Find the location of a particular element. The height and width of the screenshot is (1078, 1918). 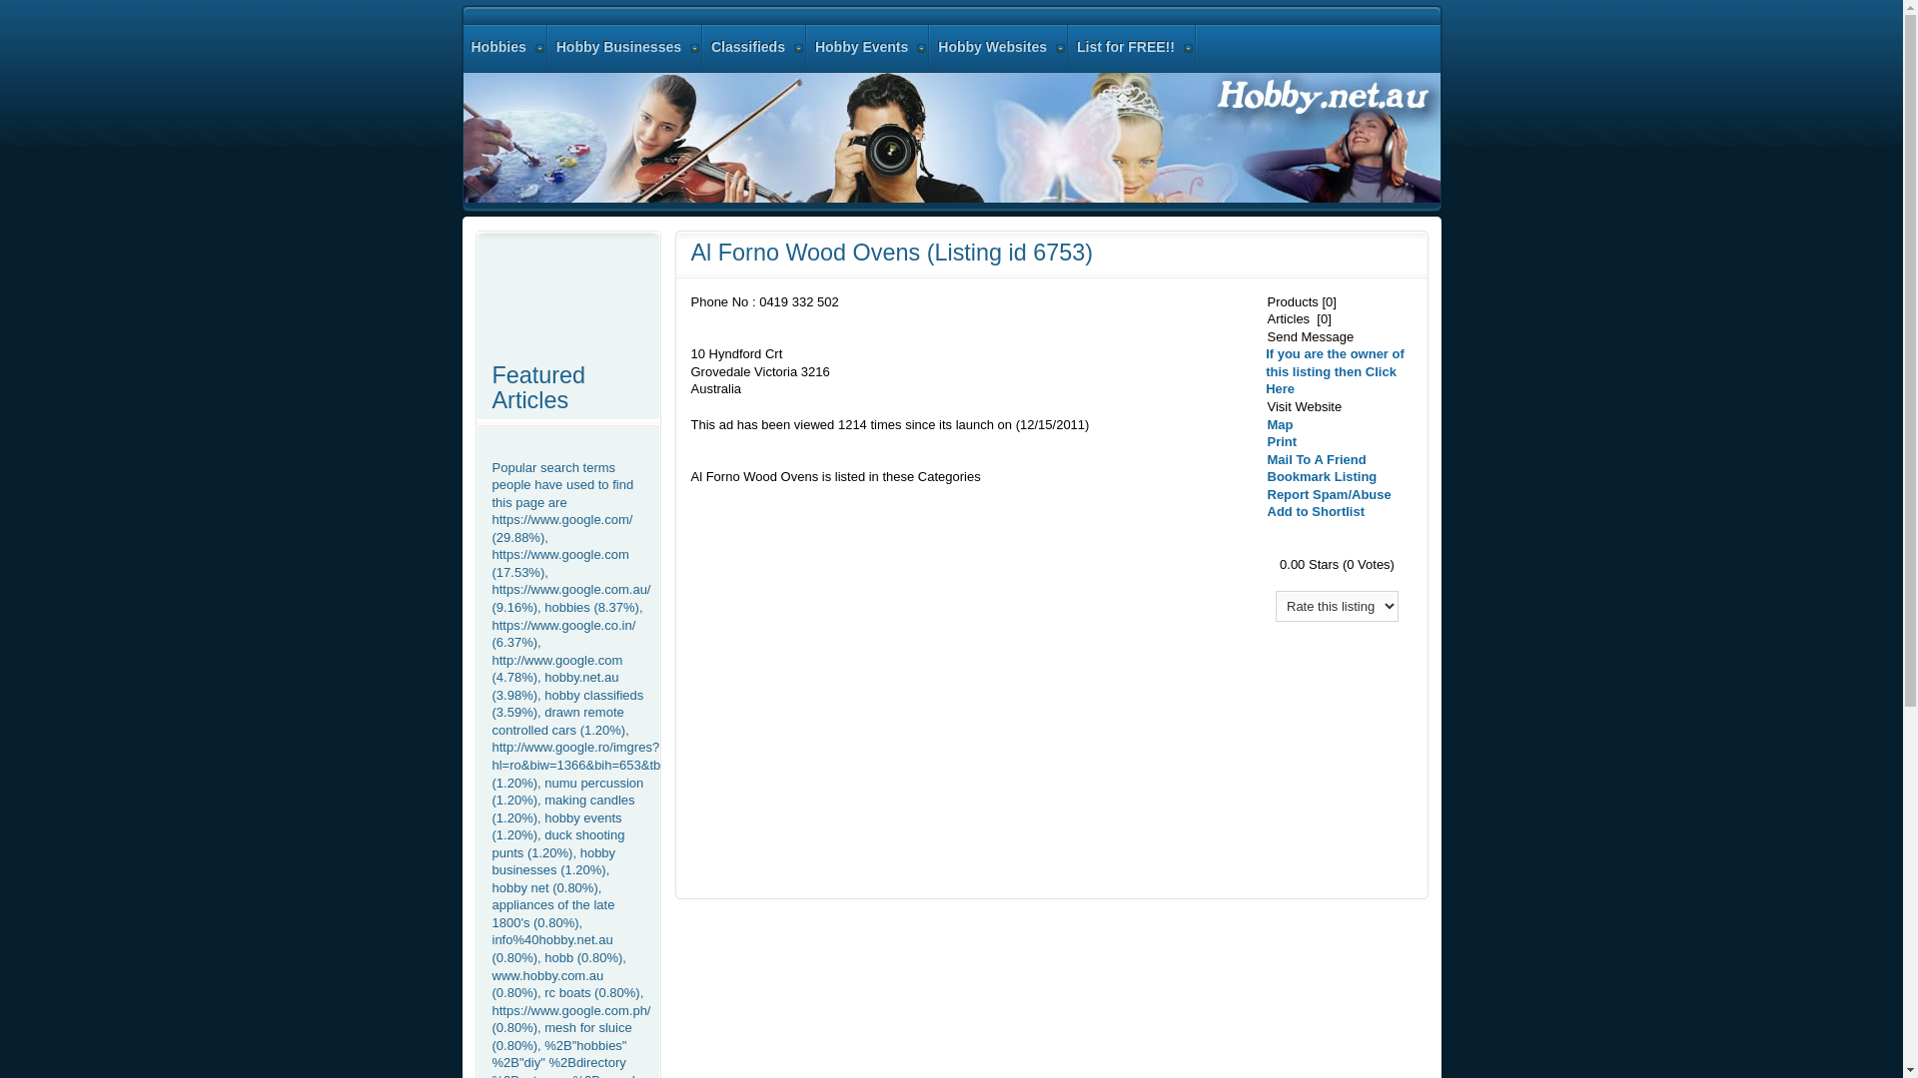

'Bookmark Listing' is located at coordinates (1322, 476).